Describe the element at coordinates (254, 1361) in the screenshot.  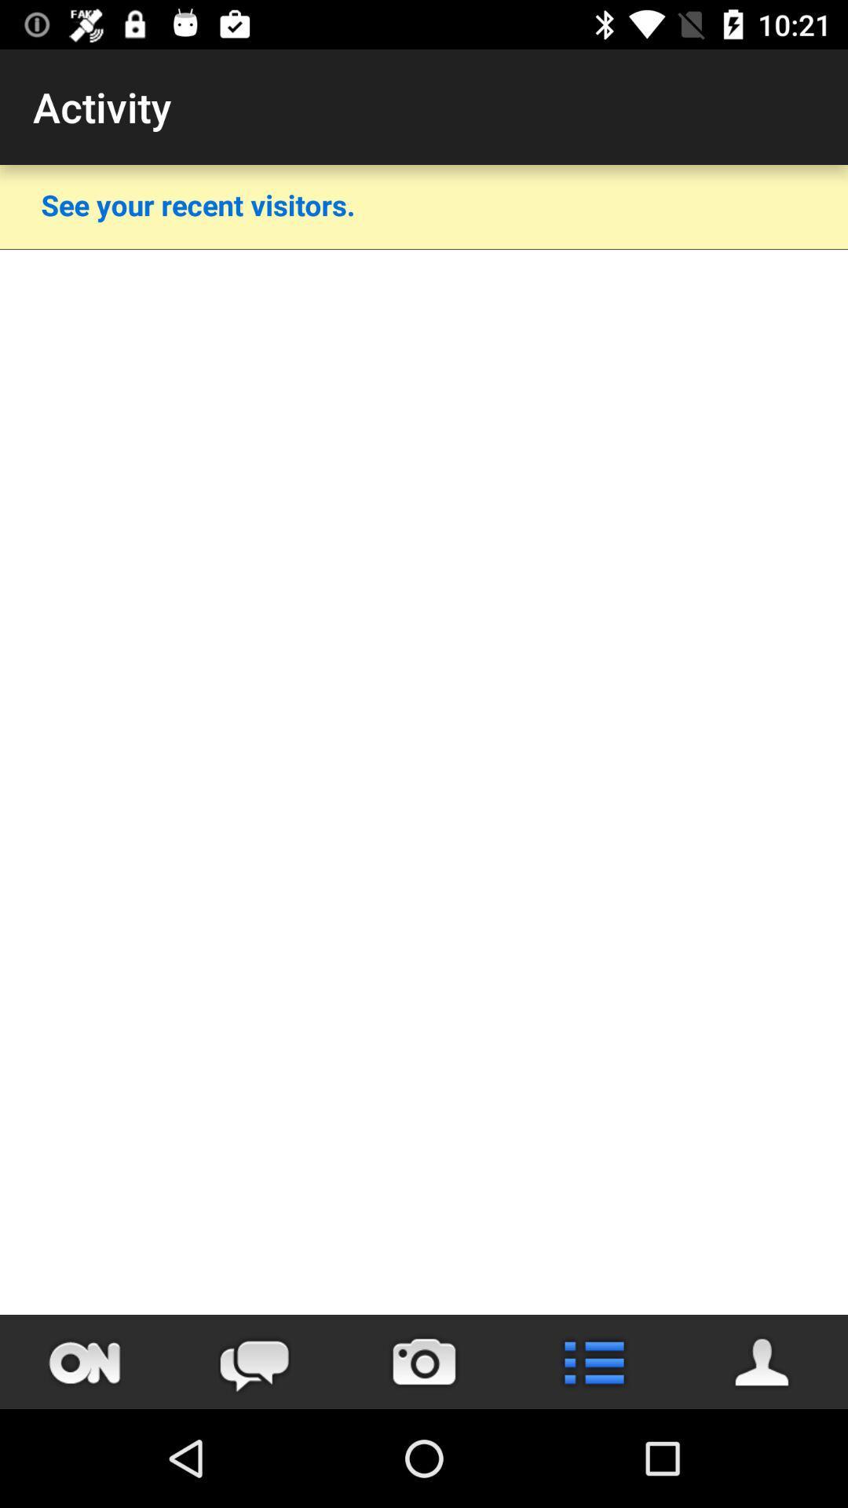
I see `chat message` at that location.